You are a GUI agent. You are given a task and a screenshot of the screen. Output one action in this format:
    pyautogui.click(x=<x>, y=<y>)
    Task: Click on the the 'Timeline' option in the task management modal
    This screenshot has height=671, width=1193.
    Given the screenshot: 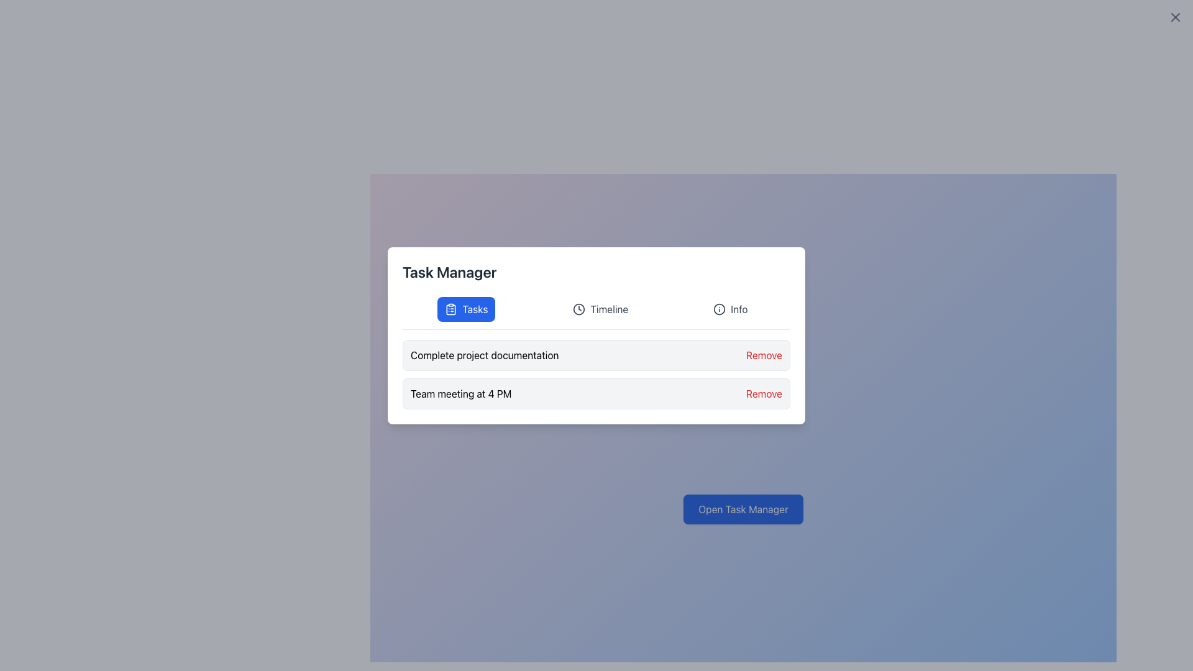 What is the action you would take?
    pyautogui.click(x=596, y=335)
    